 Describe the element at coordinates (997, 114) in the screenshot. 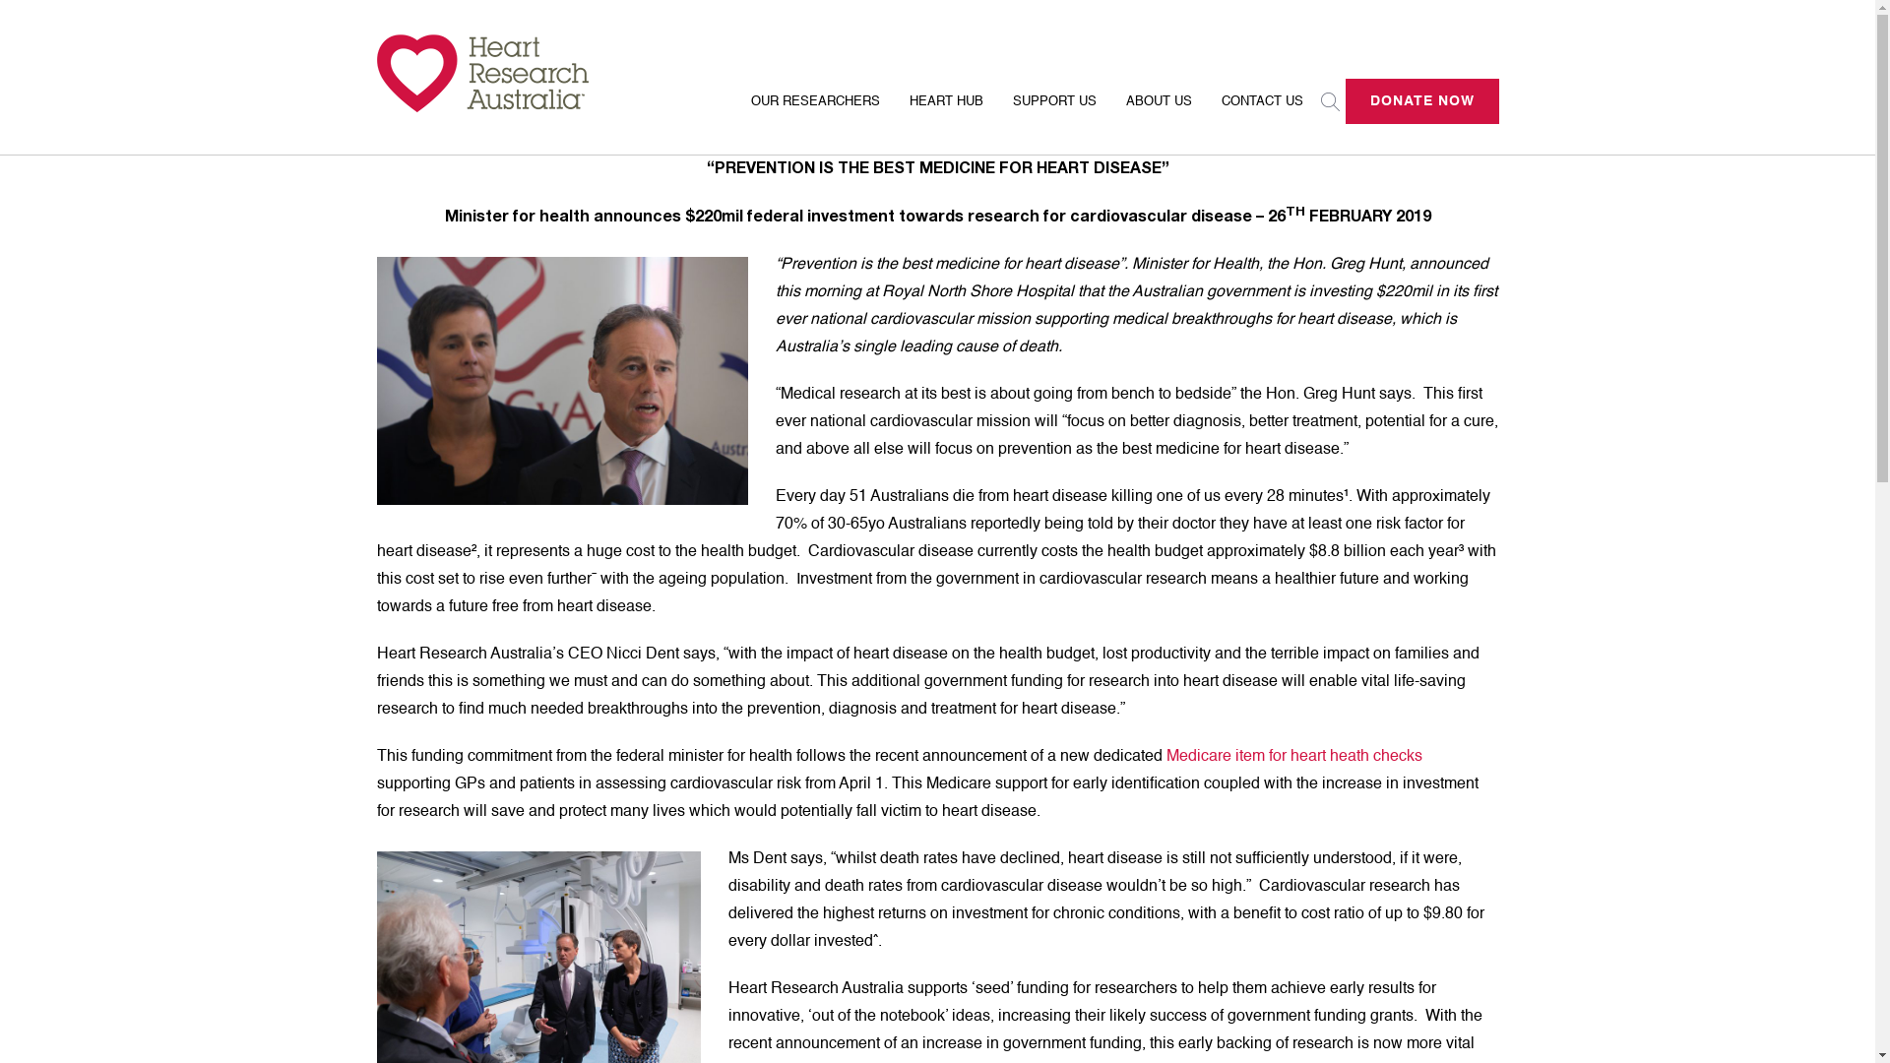

I see `'SUPPORT US'` at that location.